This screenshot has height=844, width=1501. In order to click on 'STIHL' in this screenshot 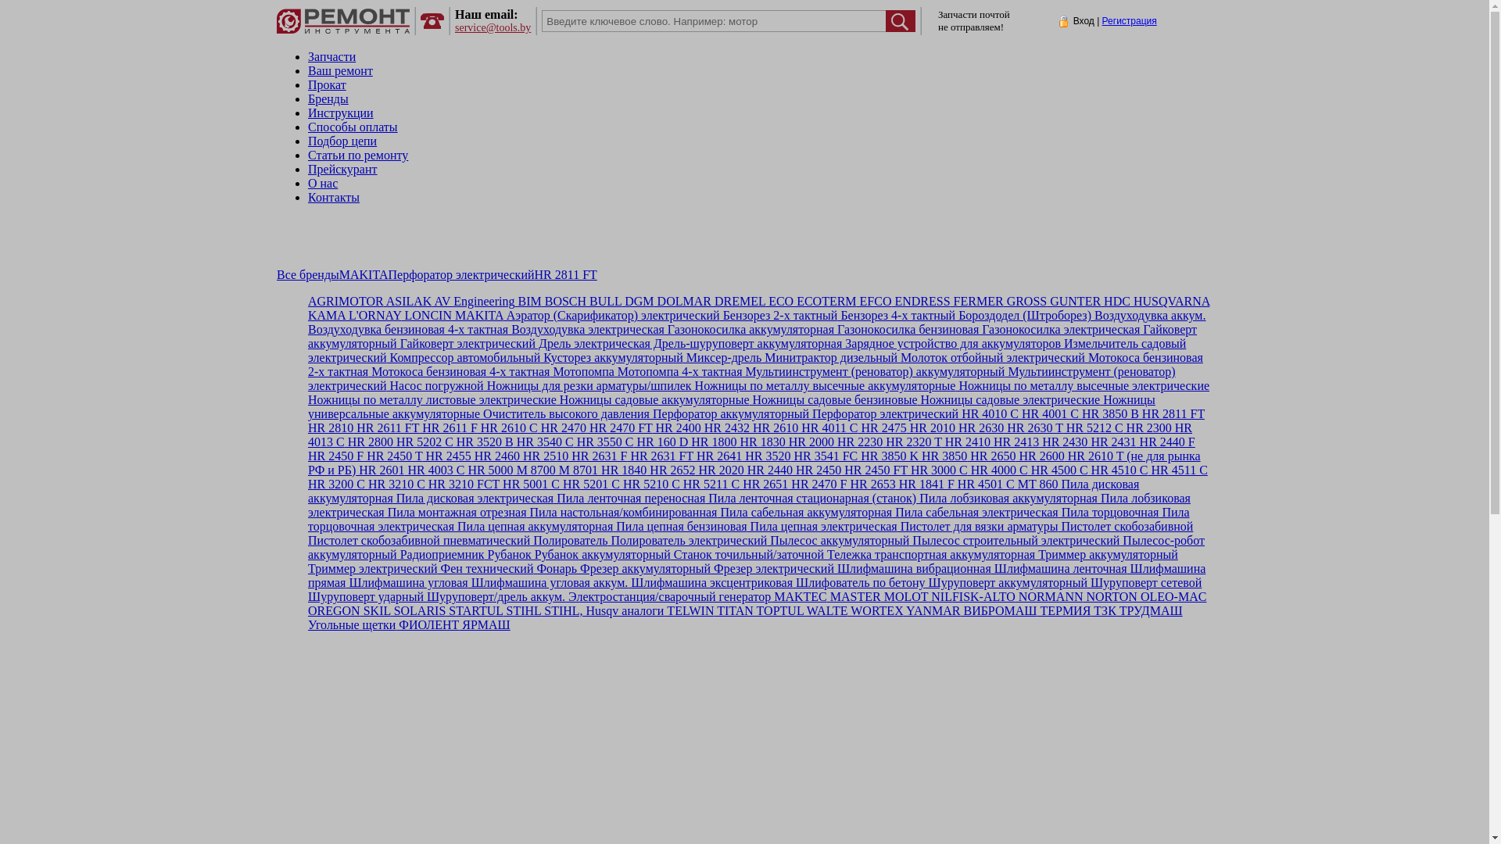, I will do `click(503, 610)`.